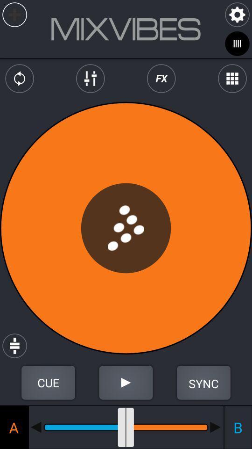 This screenshot has width=252, height=449. What do you see at coordinates (48, 383) in the screenshot?
I see `the item above a item` at bounding box center [48, 383].